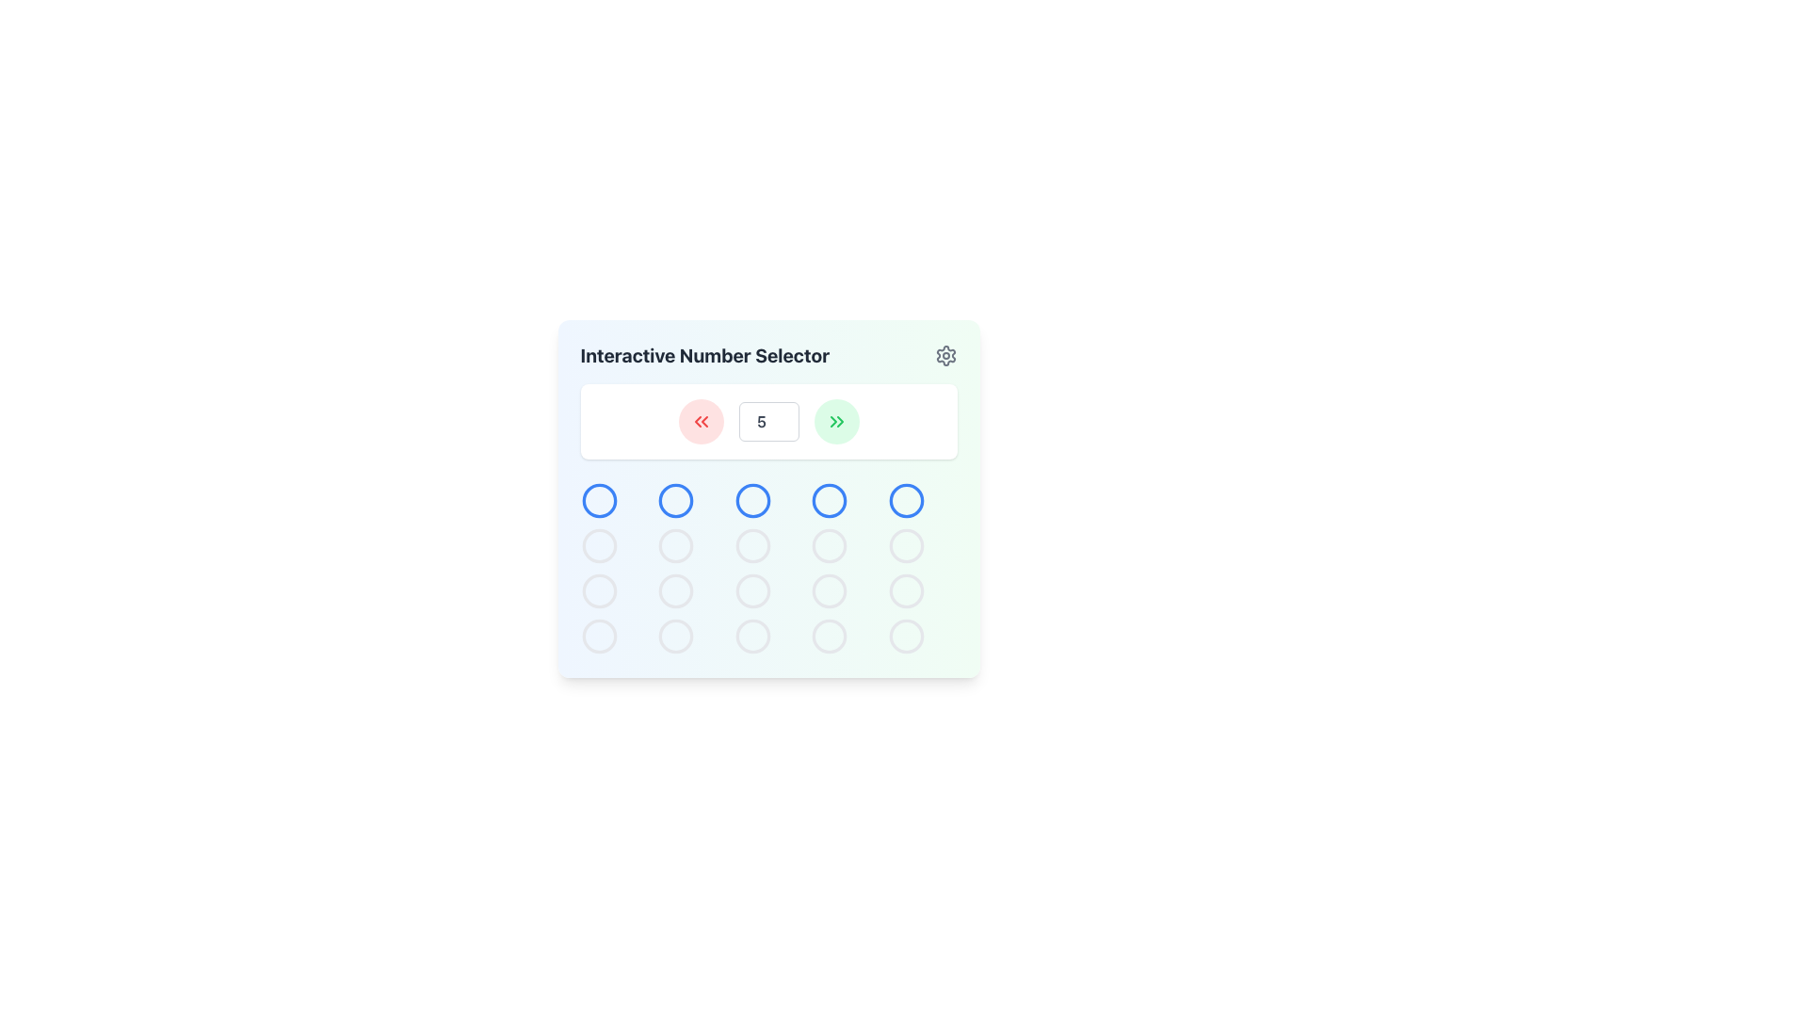 This screenshot has width=1808, height=1017. I want to click on the inner circle SVG element located at the bottom-right position of the grid, which serves as a static indicator, so click(906, 590).